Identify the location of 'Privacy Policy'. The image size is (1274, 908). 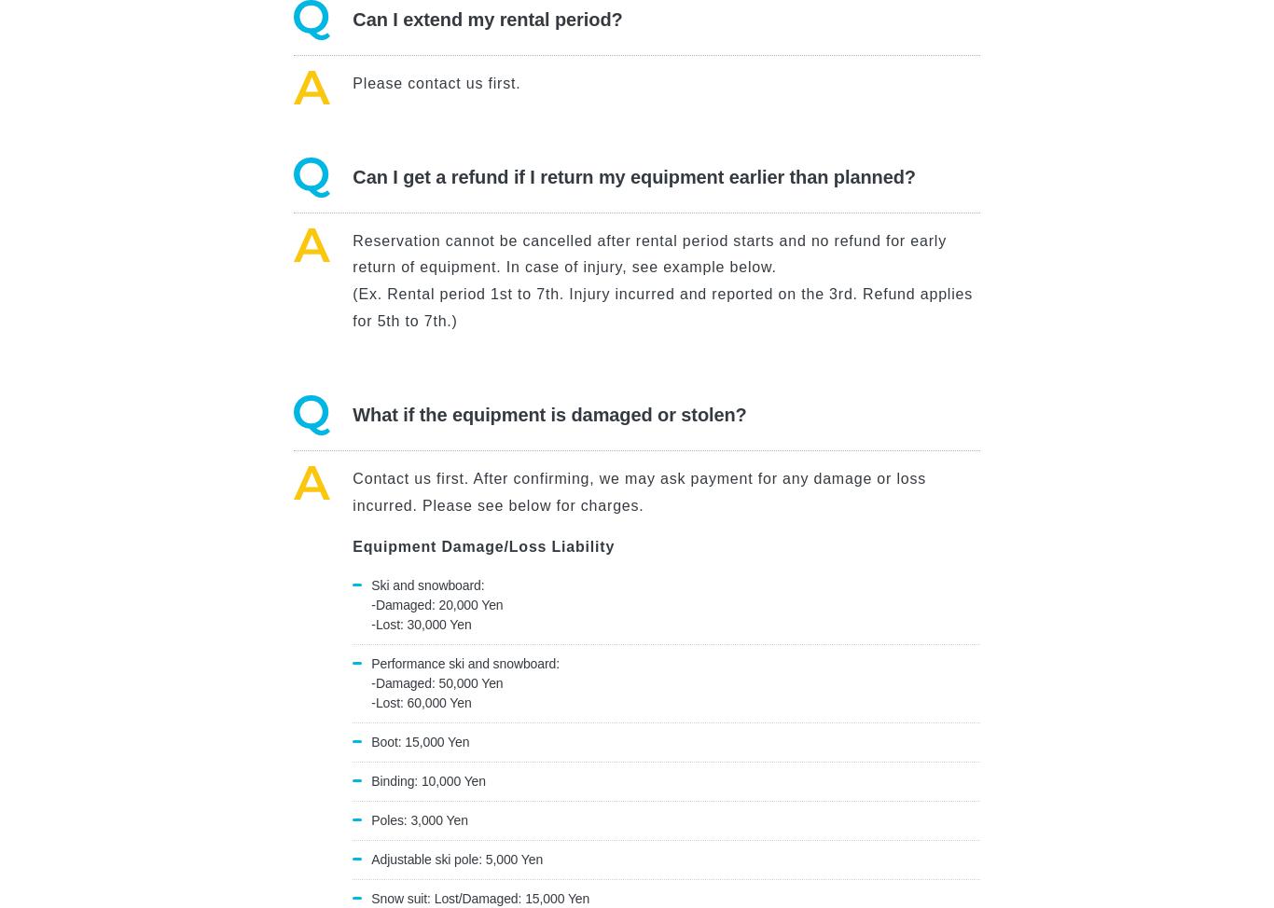
(956, 138).